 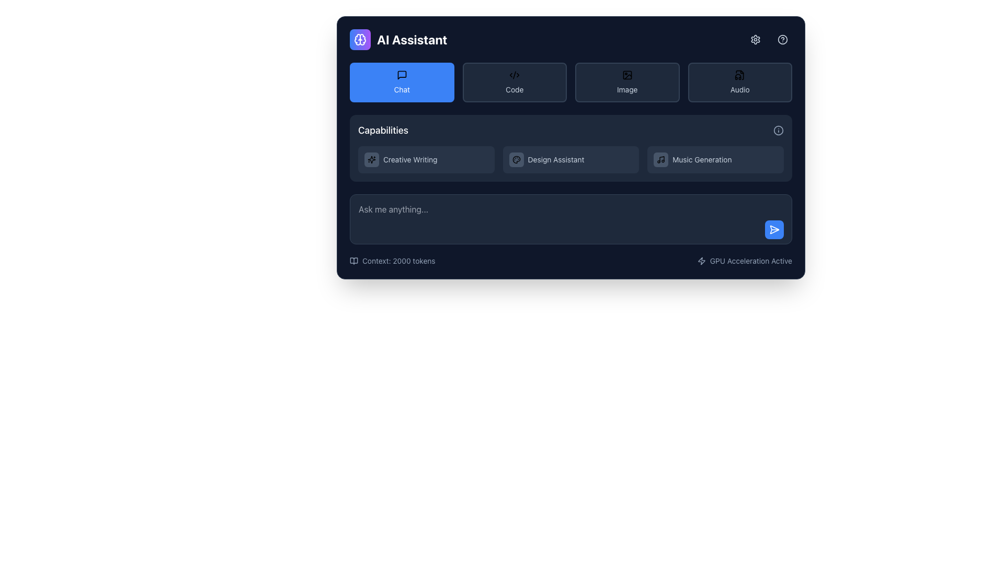 I want to click on the small square-shaped audio waveform icon located above the word 'Audio', so click(x=739, y=74).